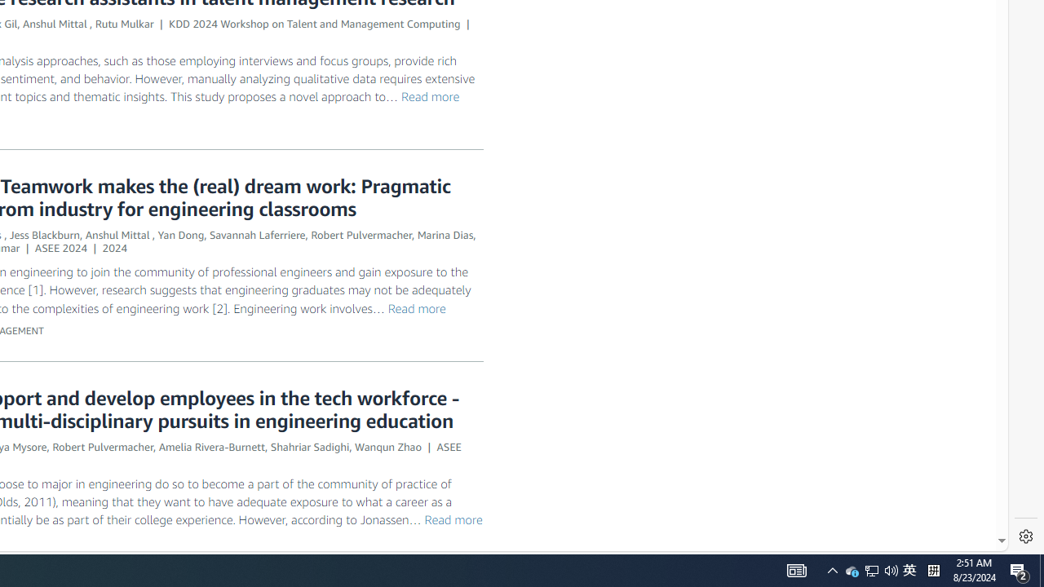 This screenshot has width=1044, height=587. What do you see at coordinates (445, 235) in the screenshot?
I see `'Marina Dias'` at bounding box center [445, 235].